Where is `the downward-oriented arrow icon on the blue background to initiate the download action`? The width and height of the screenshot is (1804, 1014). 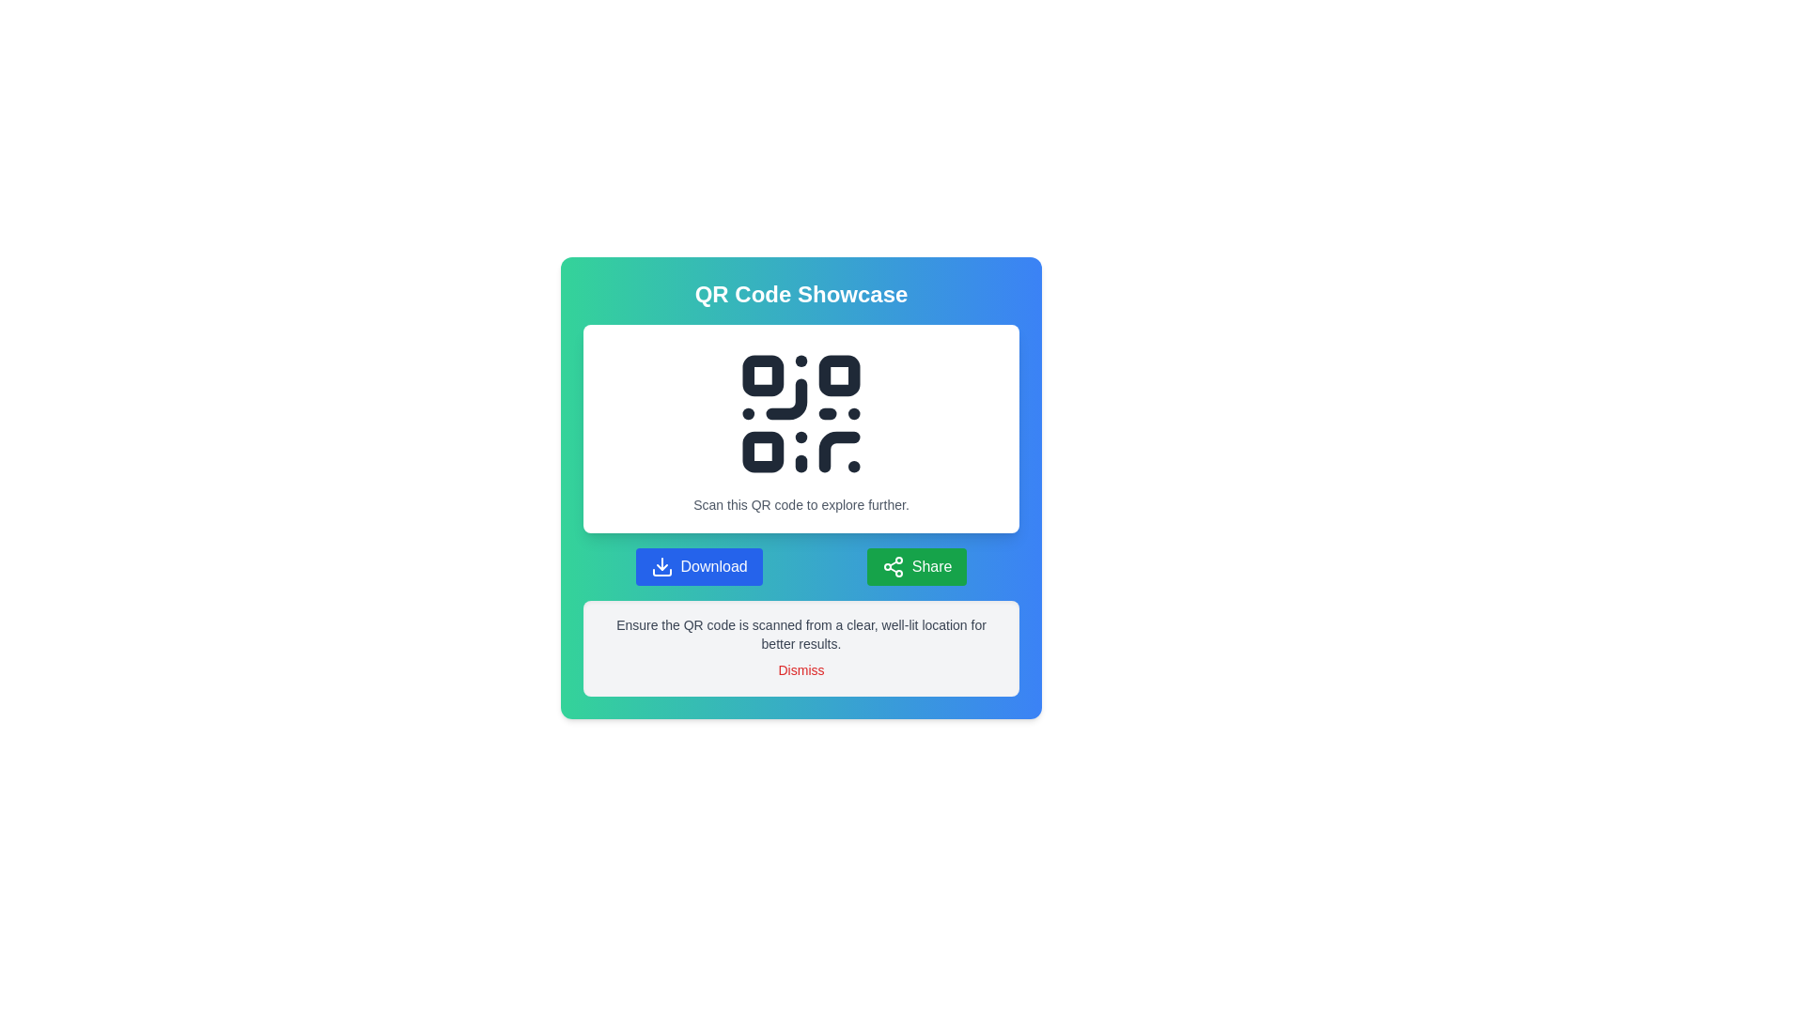
the downward-oriented arrow icon on the blue background to initiate the download action is located at coordinates (661, 566).